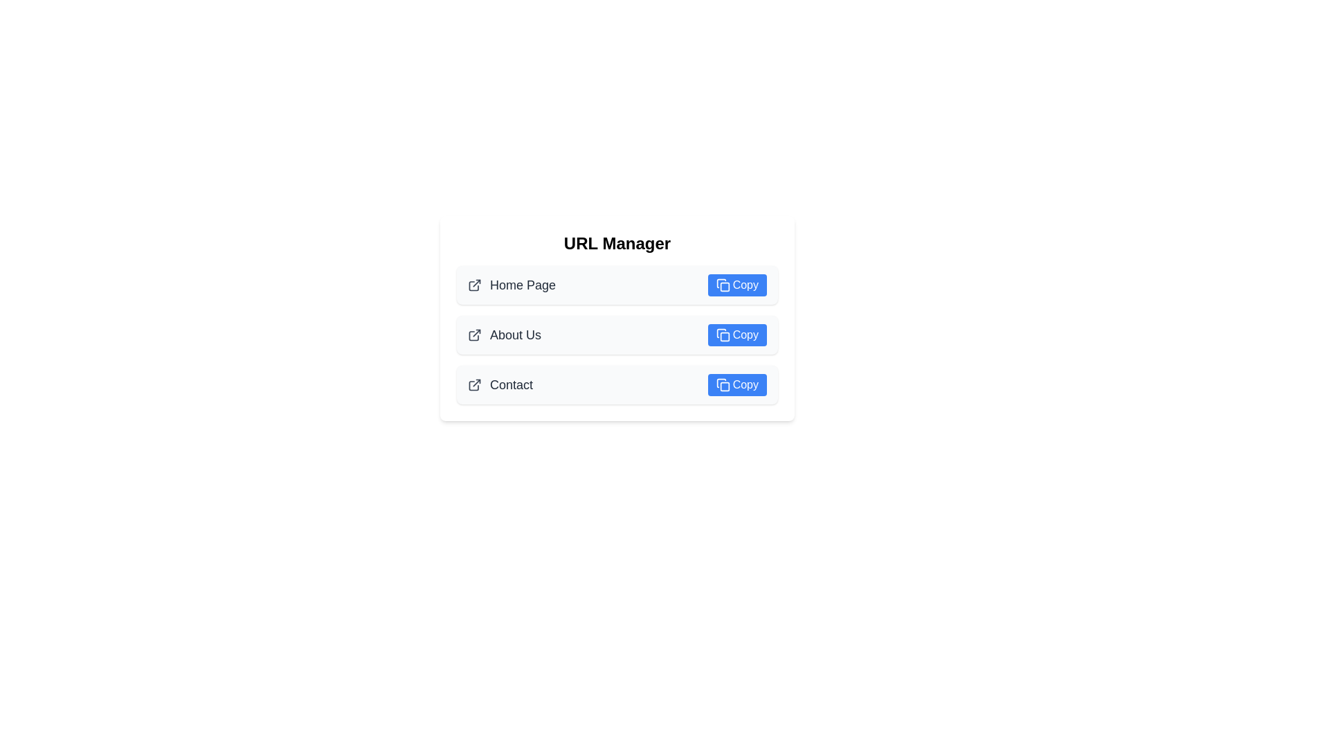 This screenshot has height=748, width=1329. What do you see at coordinates (724, 337) in the screenshot?
I see `the small rounded rectangle styled in light color (likely blue) that is located at the center of the 'Copy' button next to the 'About Us' label` at bounding box center [724, 337].